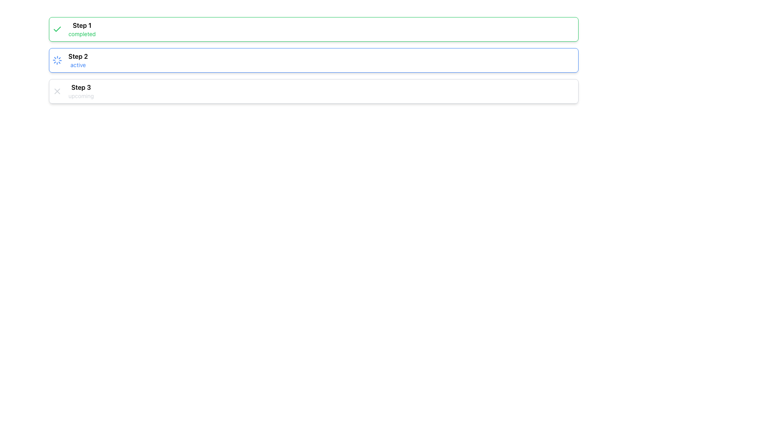 This screenshot has width=764, height=429. I want to click on the informational text label displaying 'upcoming', which is styled with a smaller font size and light gray color, located under the 'Step 3' label, so click(81, 96).